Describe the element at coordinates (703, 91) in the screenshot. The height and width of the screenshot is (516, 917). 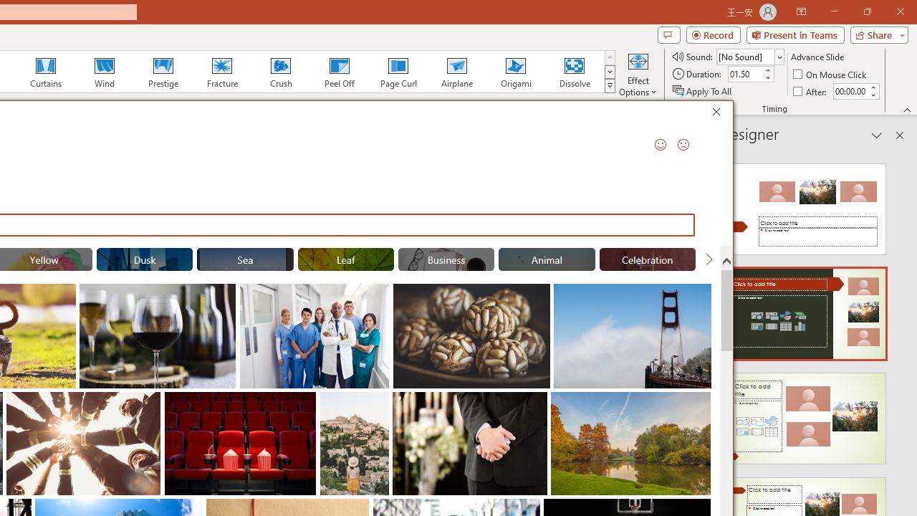
I see `'Apply To All'` at that location.